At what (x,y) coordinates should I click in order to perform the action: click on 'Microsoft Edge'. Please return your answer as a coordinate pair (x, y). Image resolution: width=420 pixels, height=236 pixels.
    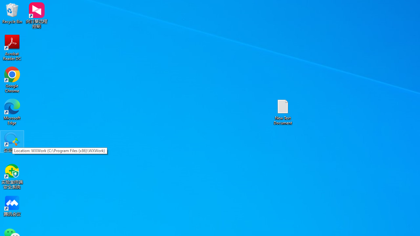
    Looking at the image, I should click on (12, 111).